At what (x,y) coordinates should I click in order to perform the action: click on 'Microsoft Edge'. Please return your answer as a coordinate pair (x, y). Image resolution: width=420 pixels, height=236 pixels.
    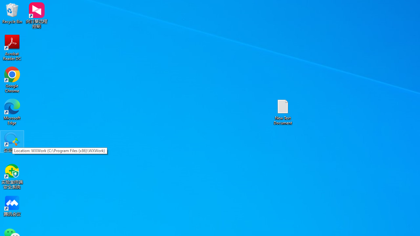
    Looking at the image, I should click on (12, 111).